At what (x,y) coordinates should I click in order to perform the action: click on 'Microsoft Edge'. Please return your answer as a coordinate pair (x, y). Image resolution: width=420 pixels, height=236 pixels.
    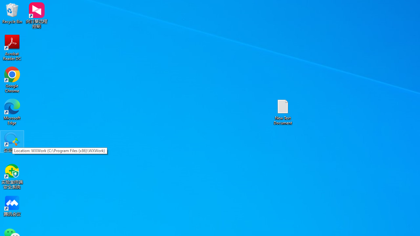
    Looking at the image, I should click on (12, 111).